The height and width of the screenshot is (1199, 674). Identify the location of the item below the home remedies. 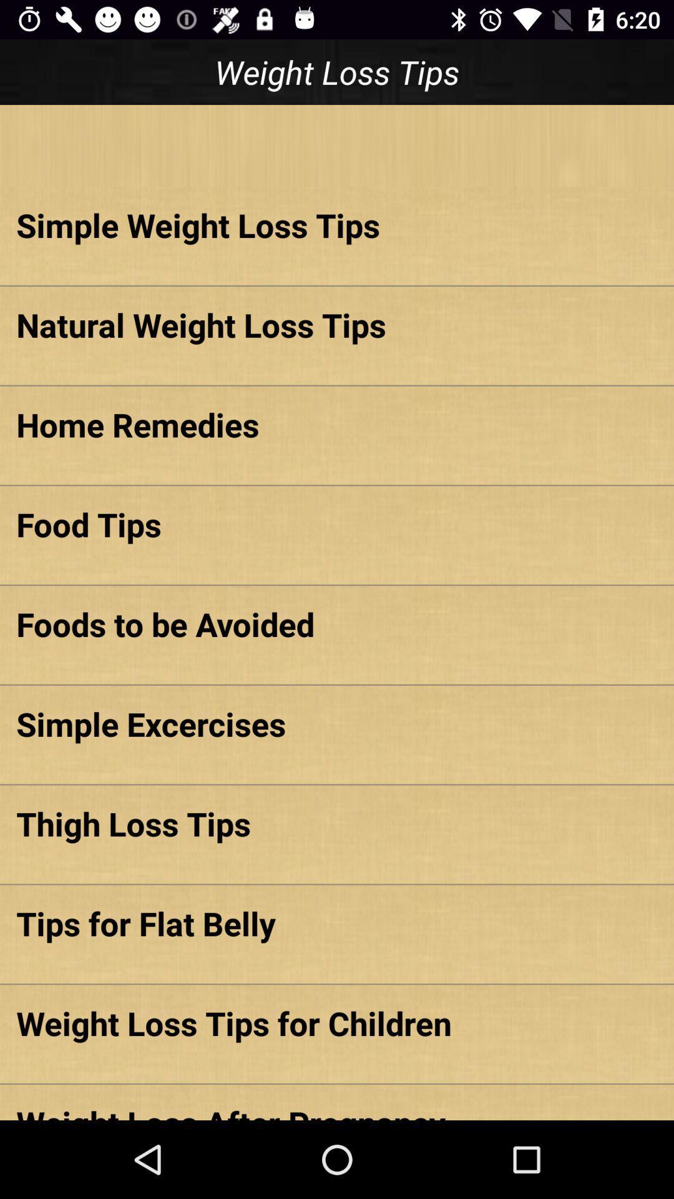
(337, 524).